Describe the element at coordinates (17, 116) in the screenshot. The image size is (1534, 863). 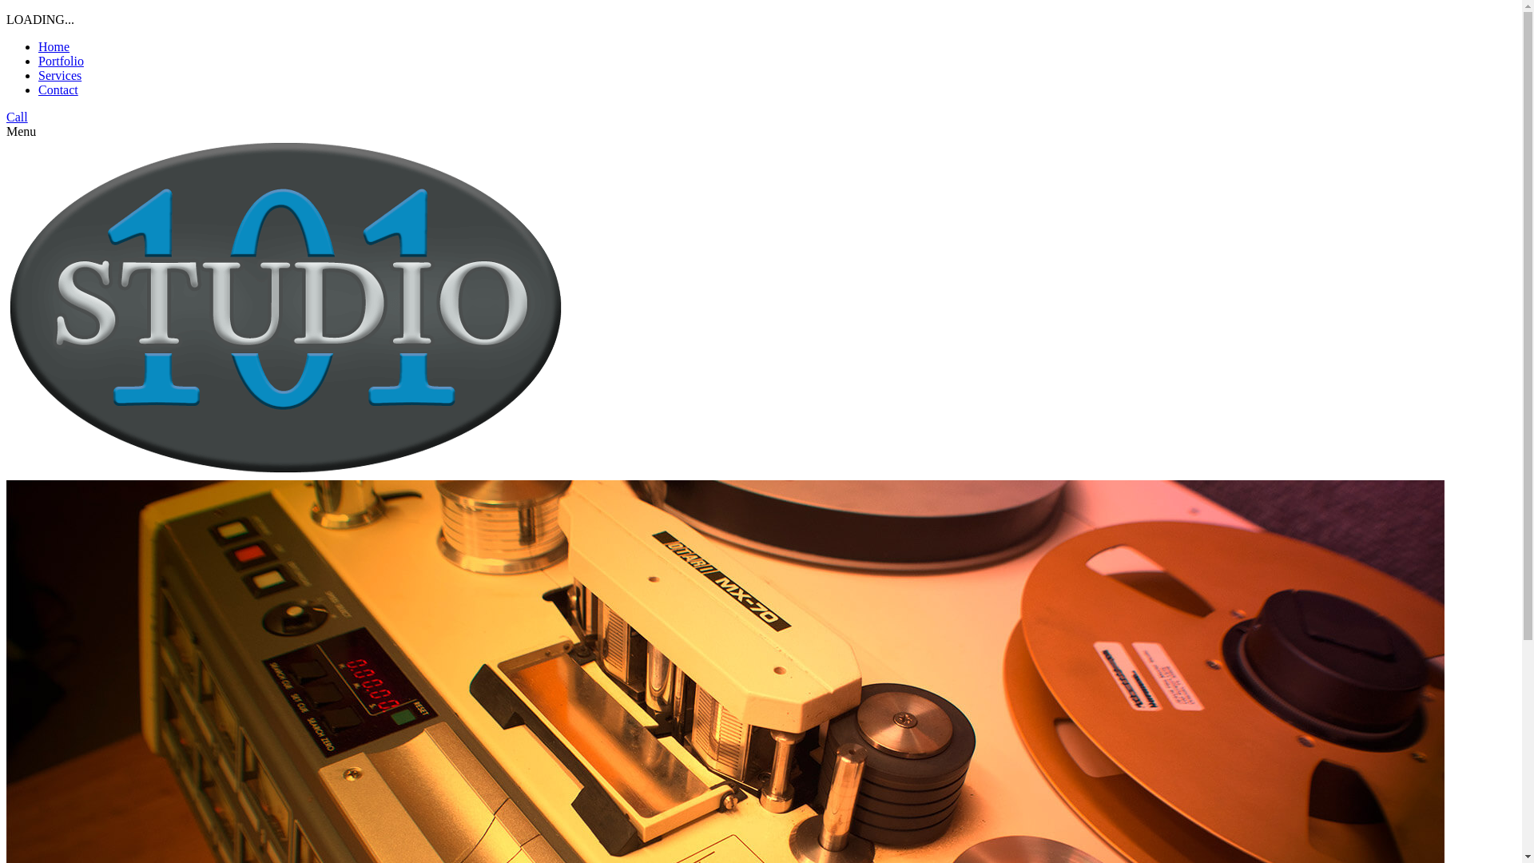
I see `'Call'` at that location.